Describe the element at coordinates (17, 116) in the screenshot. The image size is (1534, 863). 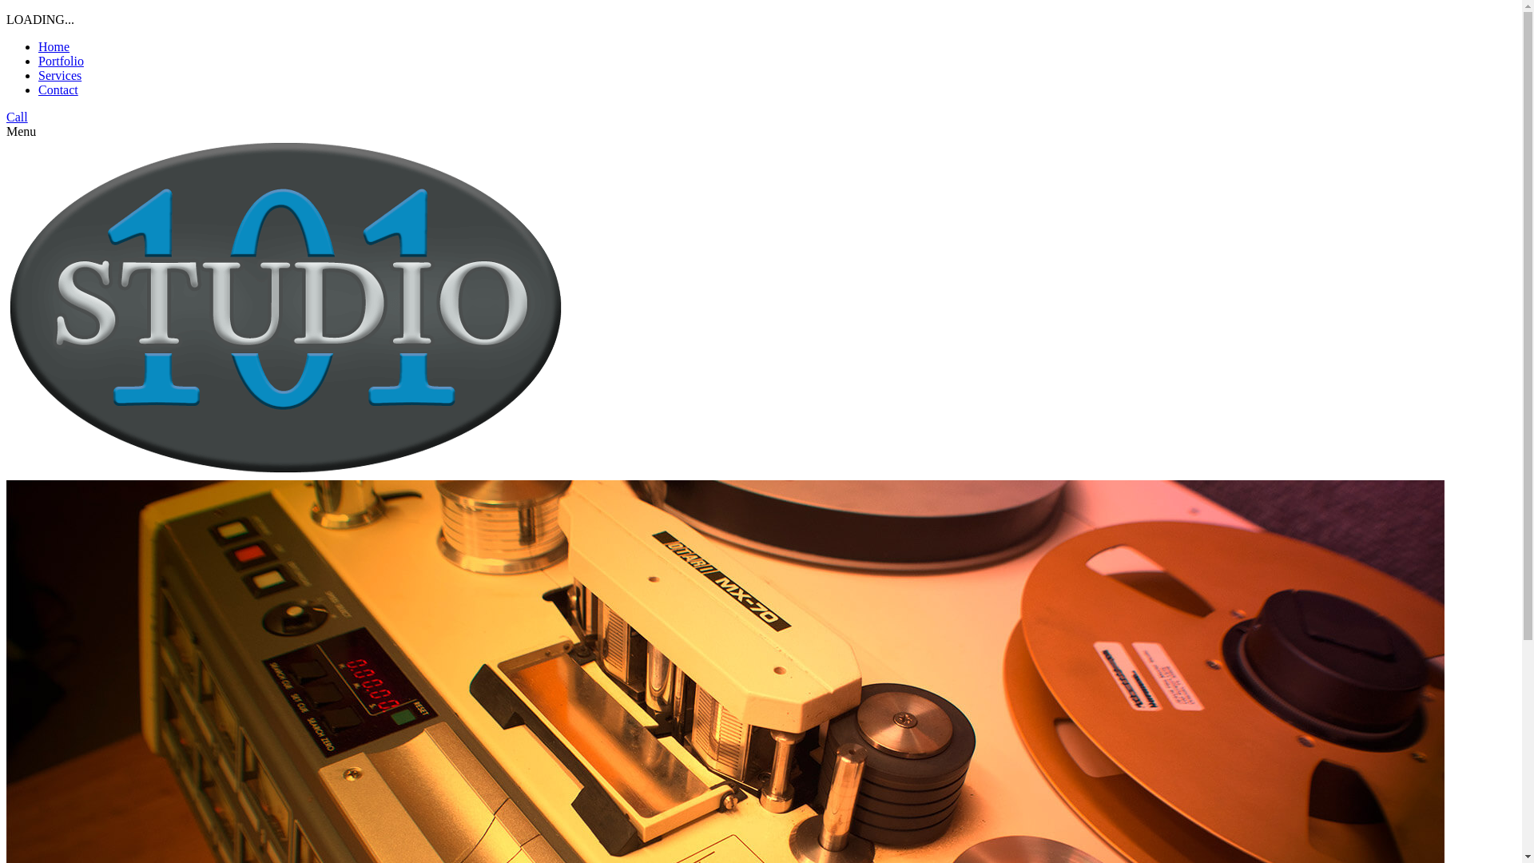
I see `'Call'` at that location.